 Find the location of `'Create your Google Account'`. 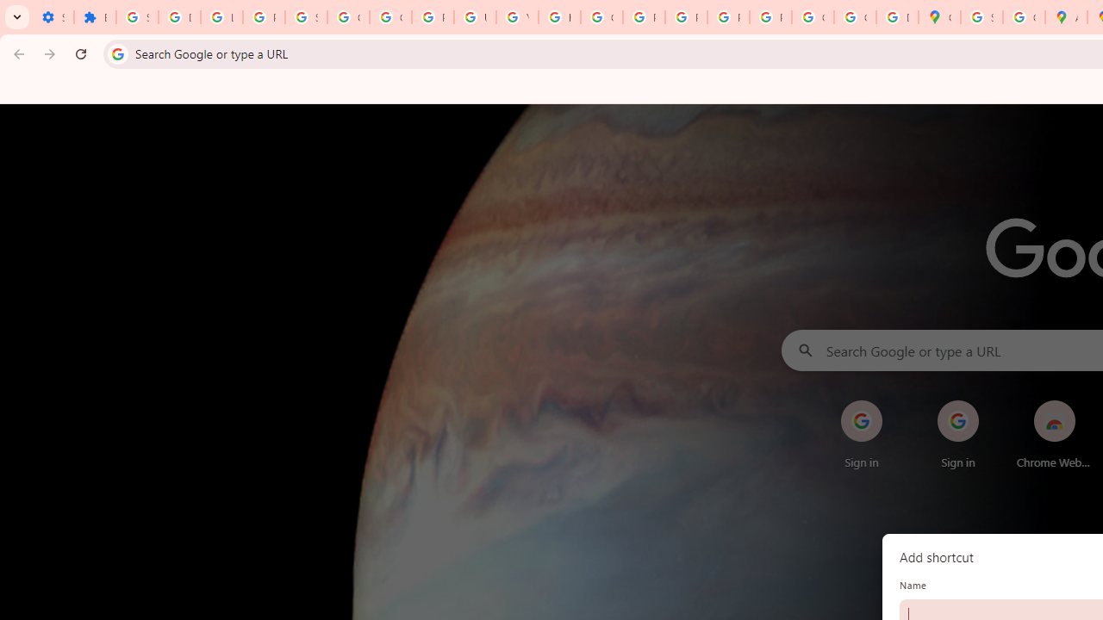

'Create your Google Account' is located at coordinates (1024, 17).